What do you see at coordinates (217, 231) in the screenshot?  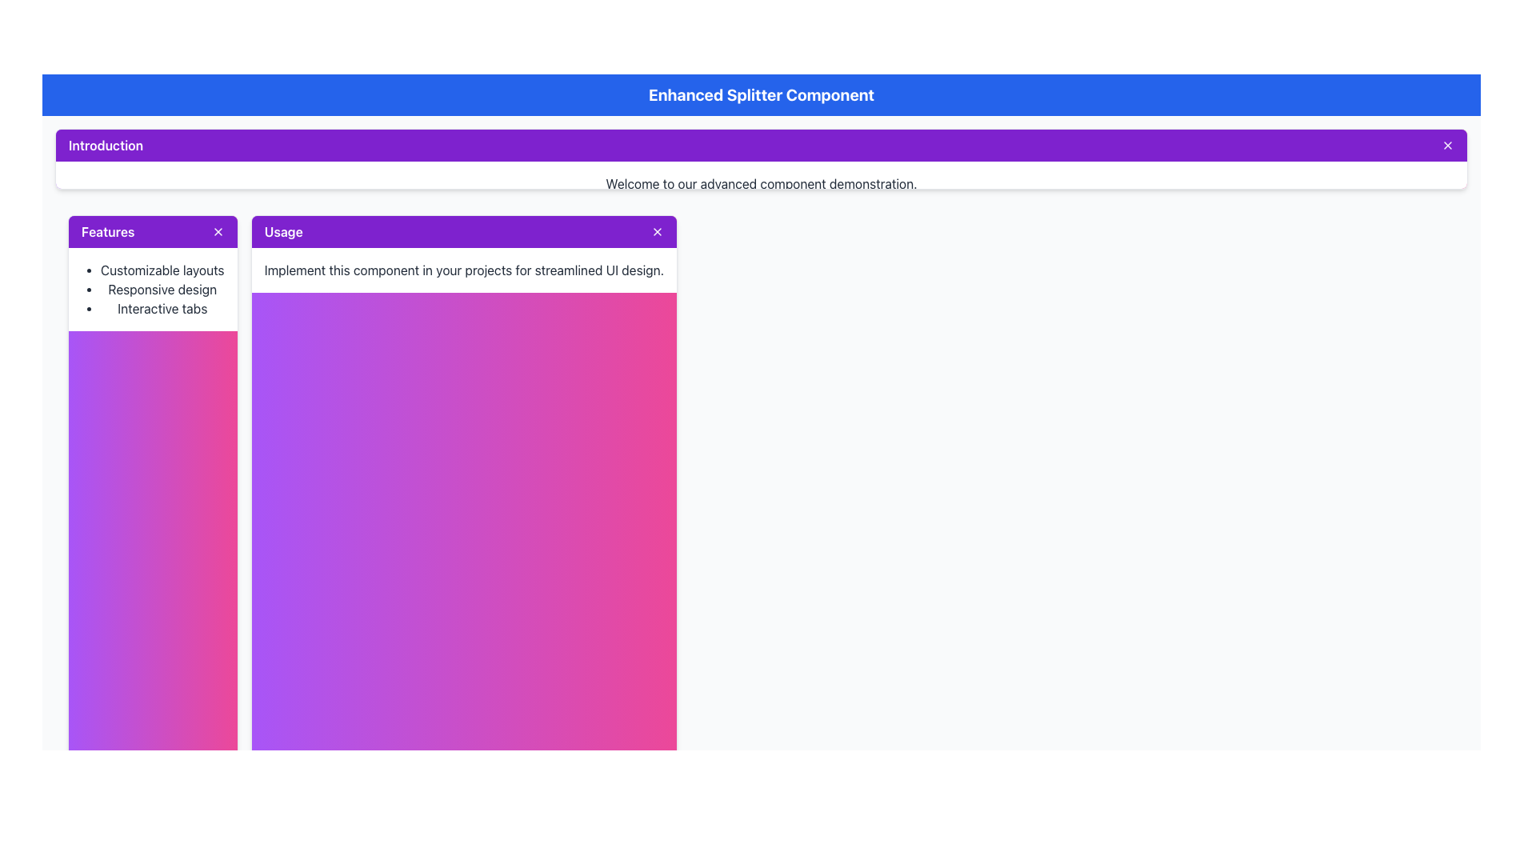 I see `the close button for the 'Features' panel, located at the upper-right corner of the section` at bounding box center [217, 231].